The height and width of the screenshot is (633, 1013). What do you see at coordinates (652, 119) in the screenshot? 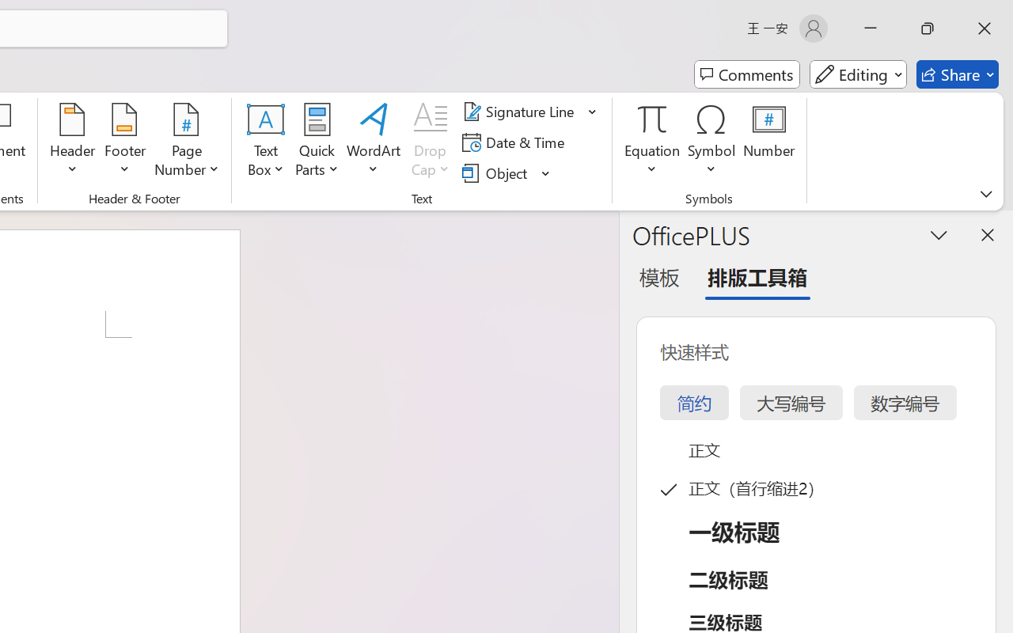
I see `'Equation'` at bounding box center [652, 119].